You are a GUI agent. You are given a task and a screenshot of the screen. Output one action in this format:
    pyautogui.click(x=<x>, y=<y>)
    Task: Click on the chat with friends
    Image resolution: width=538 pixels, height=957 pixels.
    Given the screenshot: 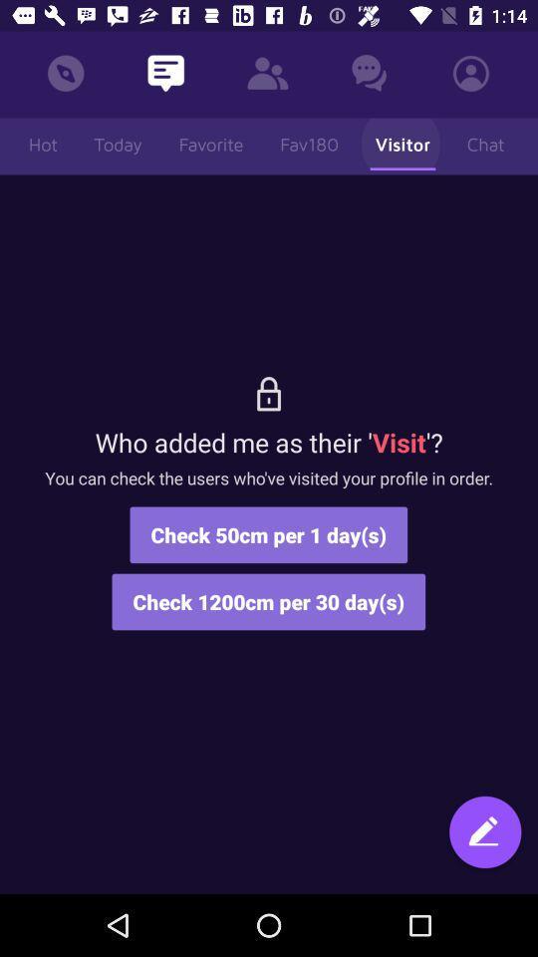 What is the action you would take?
    pyautogui.click(x=484, y=840)
    